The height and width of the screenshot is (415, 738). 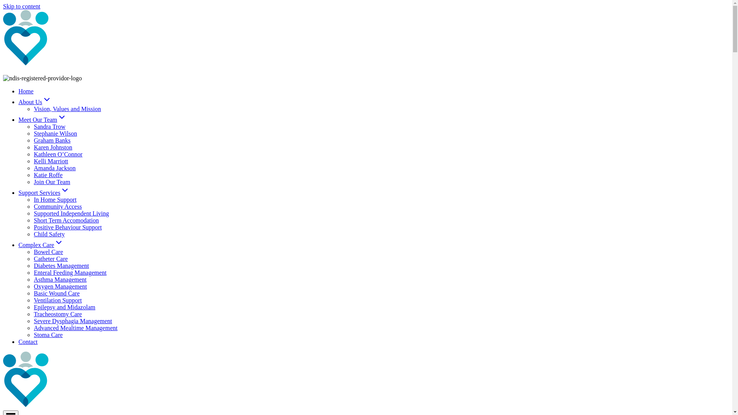 What do you see at coordinates (60, 279) in the screenshot?
I see `'Asthma Management'` at bounding box center [60, 279].